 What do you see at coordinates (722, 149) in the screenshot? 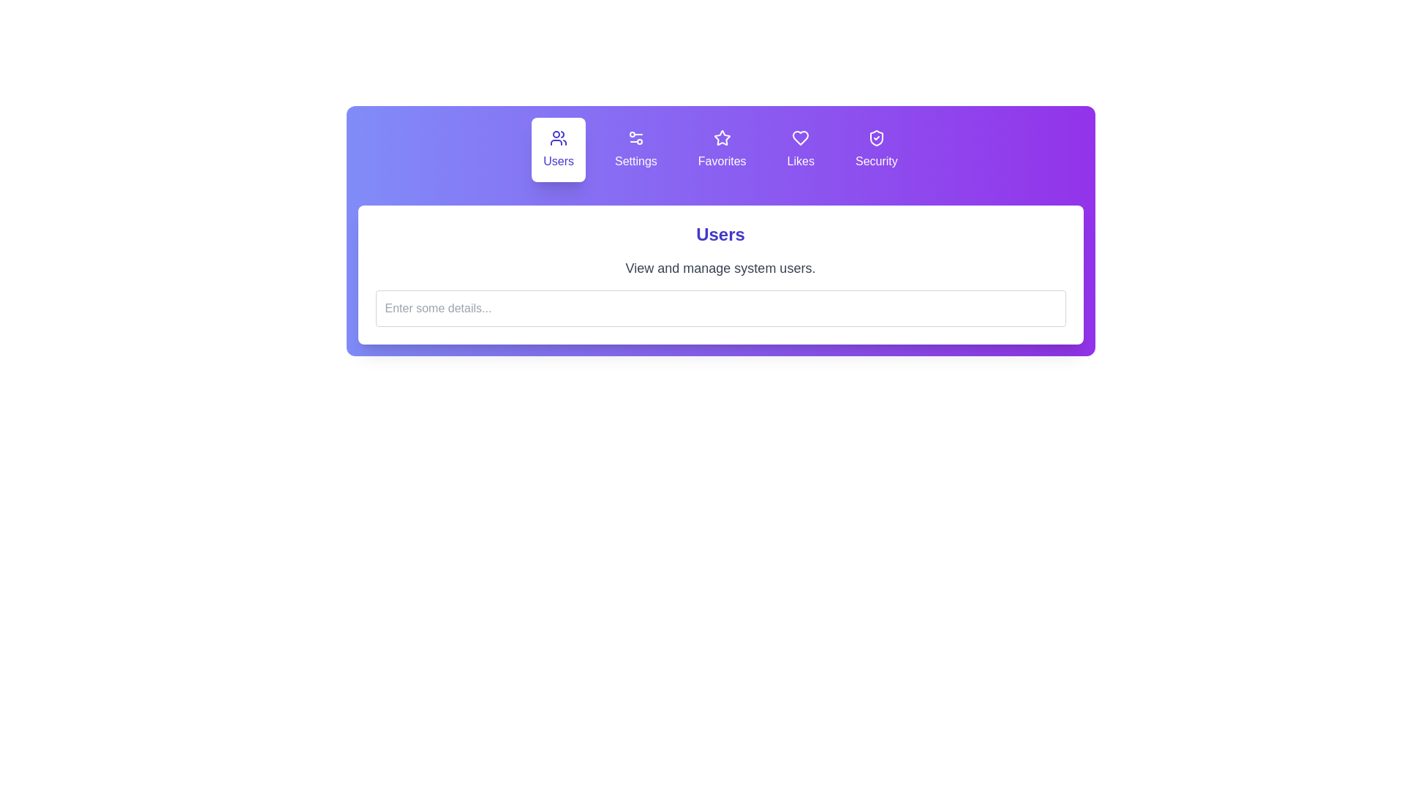
I see `the tab labeled Favorites to view its description` at bounding box center [722, 149].